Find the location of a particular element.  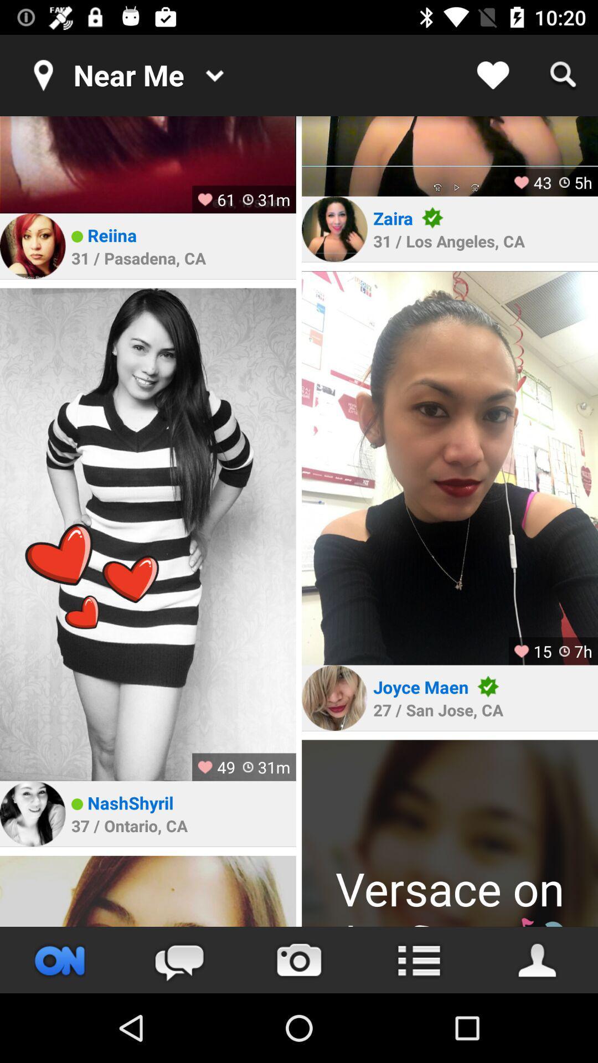

the zaira is located at coordinates (393, 218).